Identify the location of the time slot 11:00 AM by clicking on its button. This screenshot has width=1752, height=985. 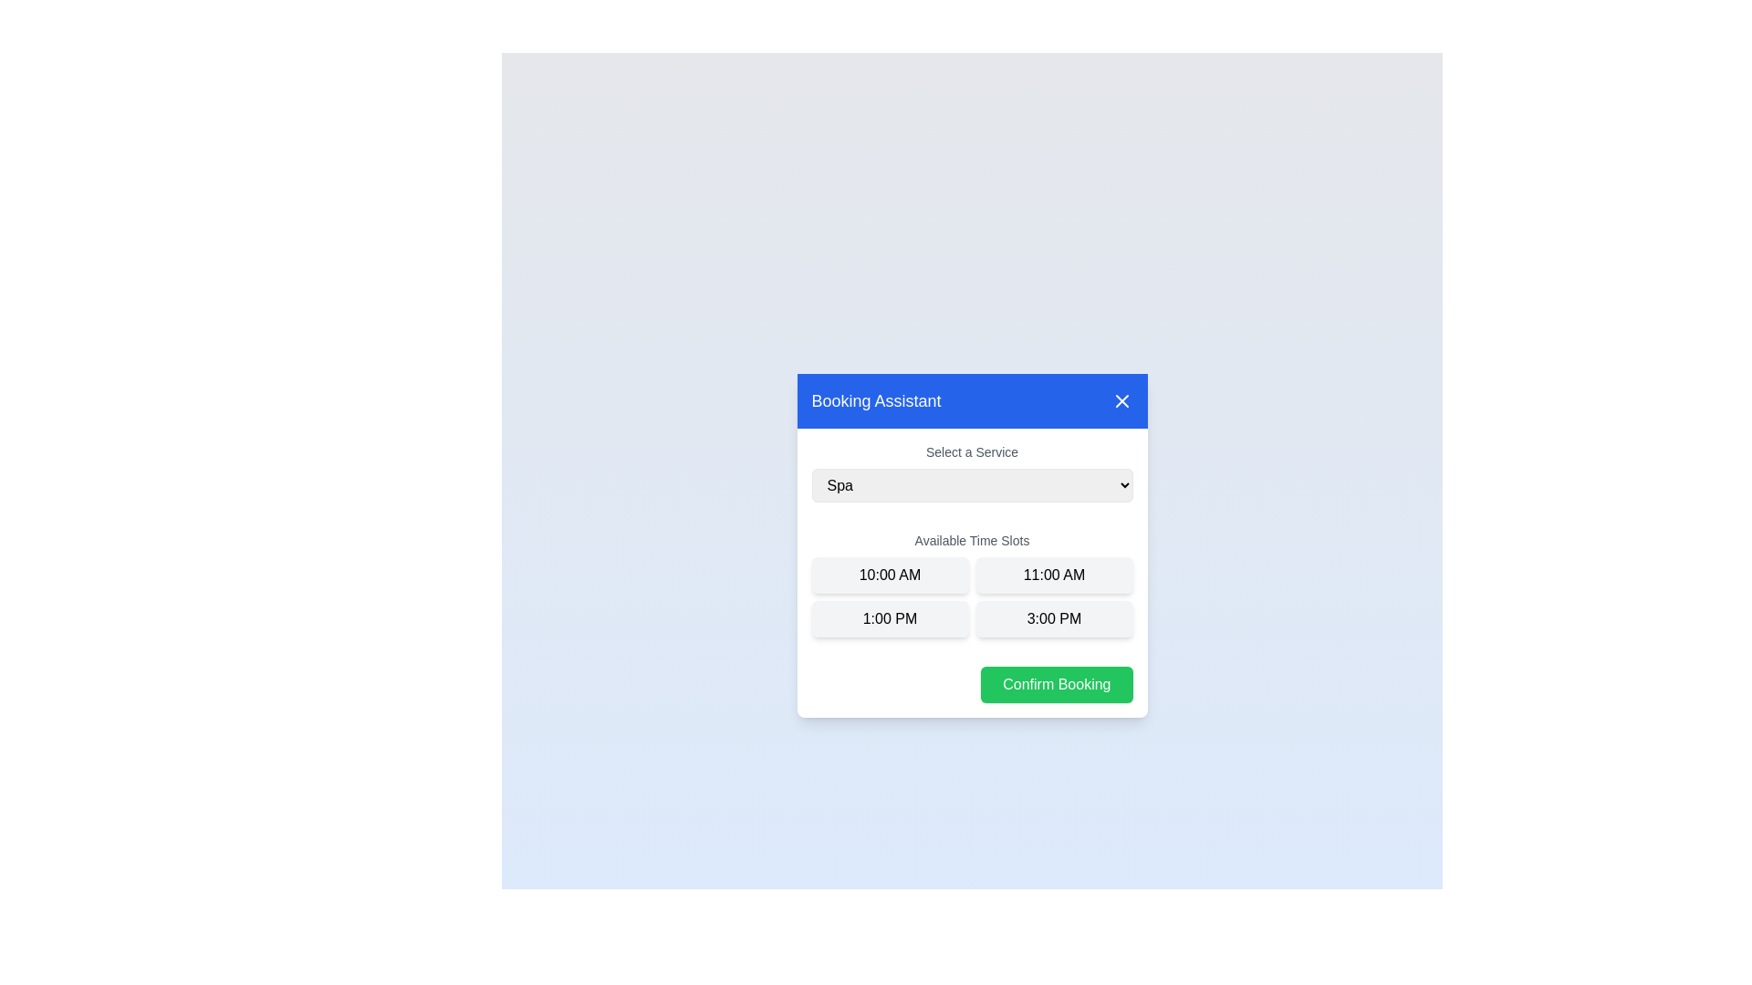
(1054, 575).